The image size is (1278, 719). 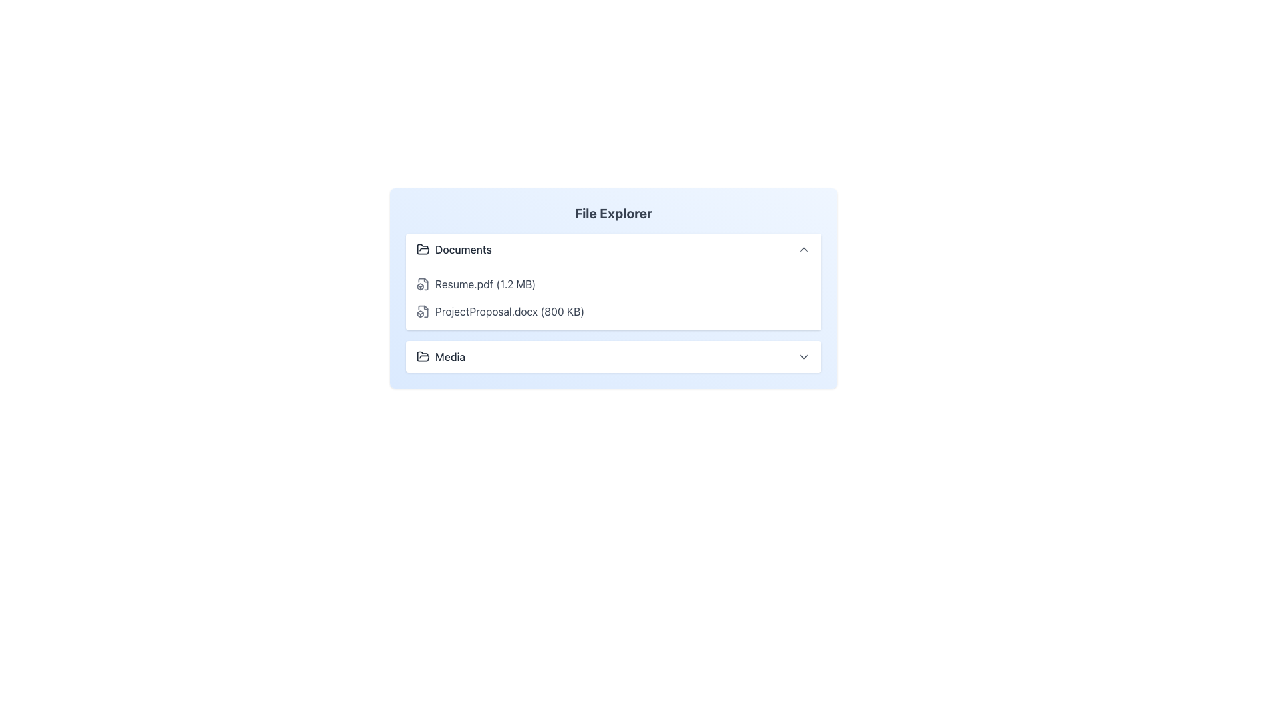 What do you see at coordinates (612, 287) in the screenshot?
I see `the individual file links within the rectangular section of the File Explorer interface, which has a bold title at the top and a light blue background` at bounding box center [612, 287].